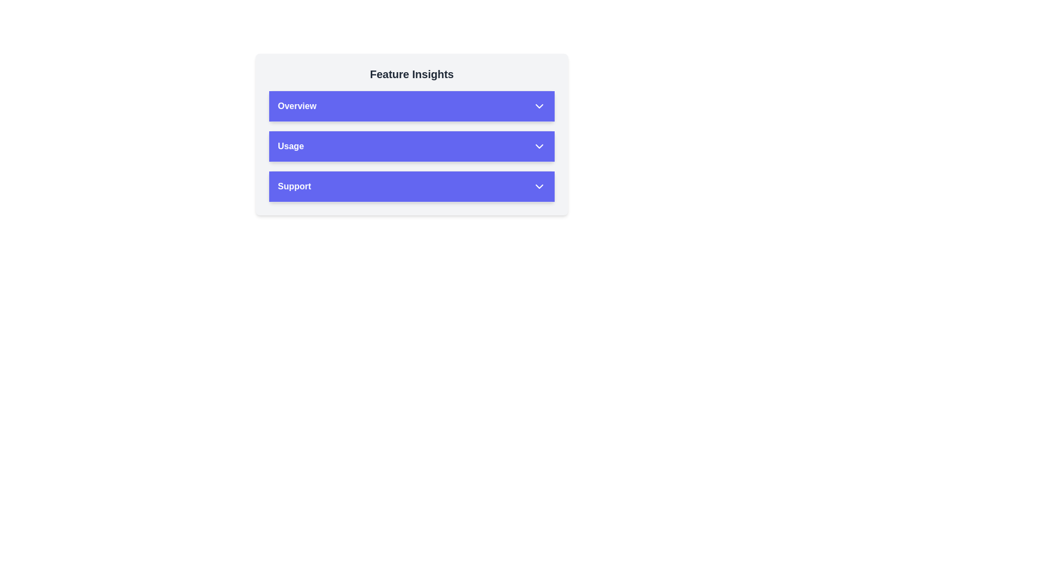 The width and height of the screenshot is (1042, 586). I want to click on the Text Label indicating 'Support', which is located in the third section under 'Feature Insights', so click(294, 186).